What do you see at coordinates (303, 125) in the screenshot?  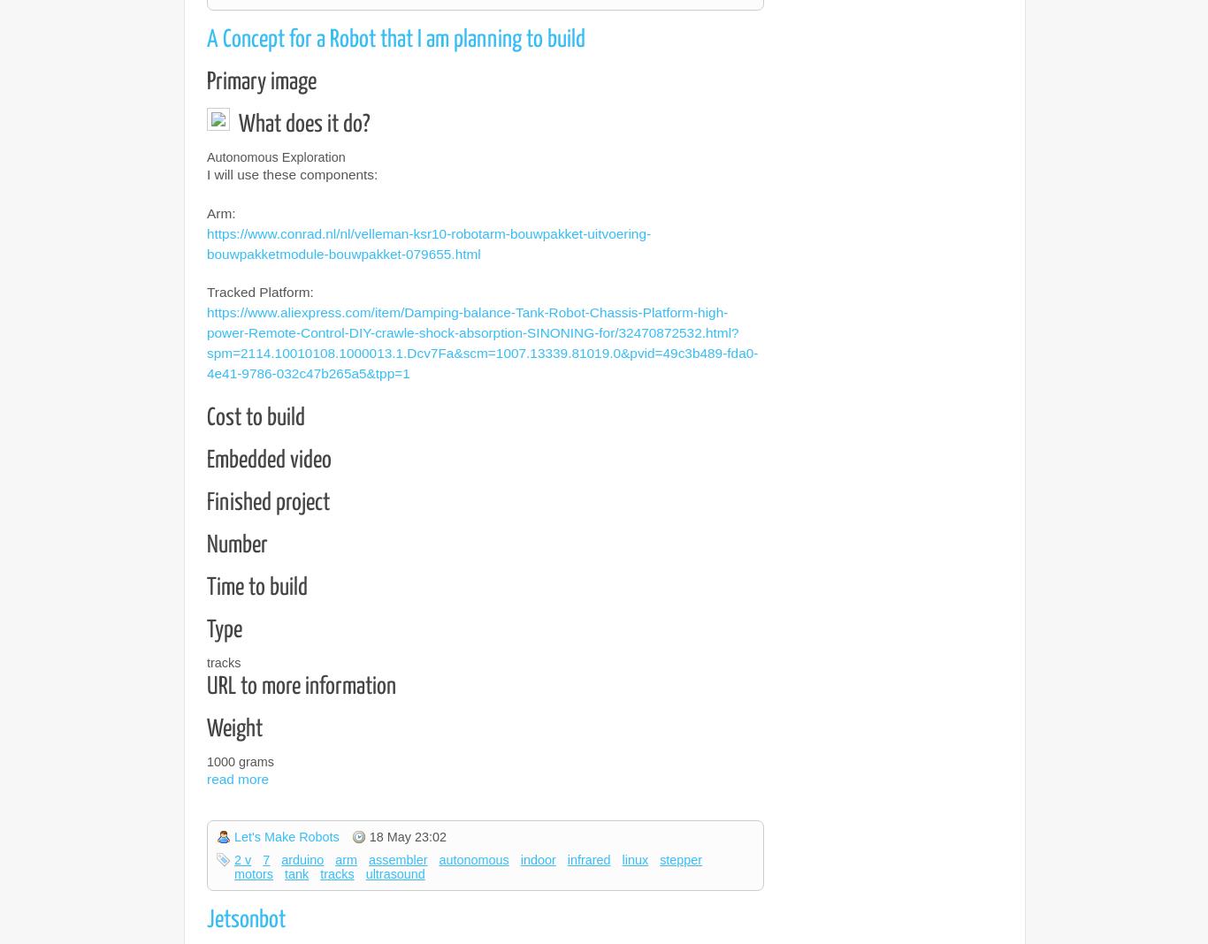 I see `'What does it do?'` at bounding box center [303, 125].